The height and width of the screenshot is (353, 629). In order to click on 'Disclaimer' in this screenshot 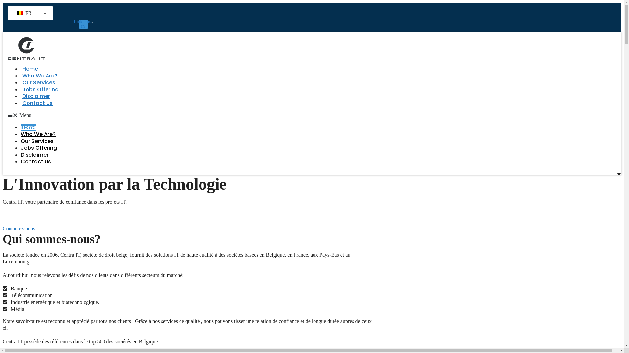, I will do `click(34, 155)`.